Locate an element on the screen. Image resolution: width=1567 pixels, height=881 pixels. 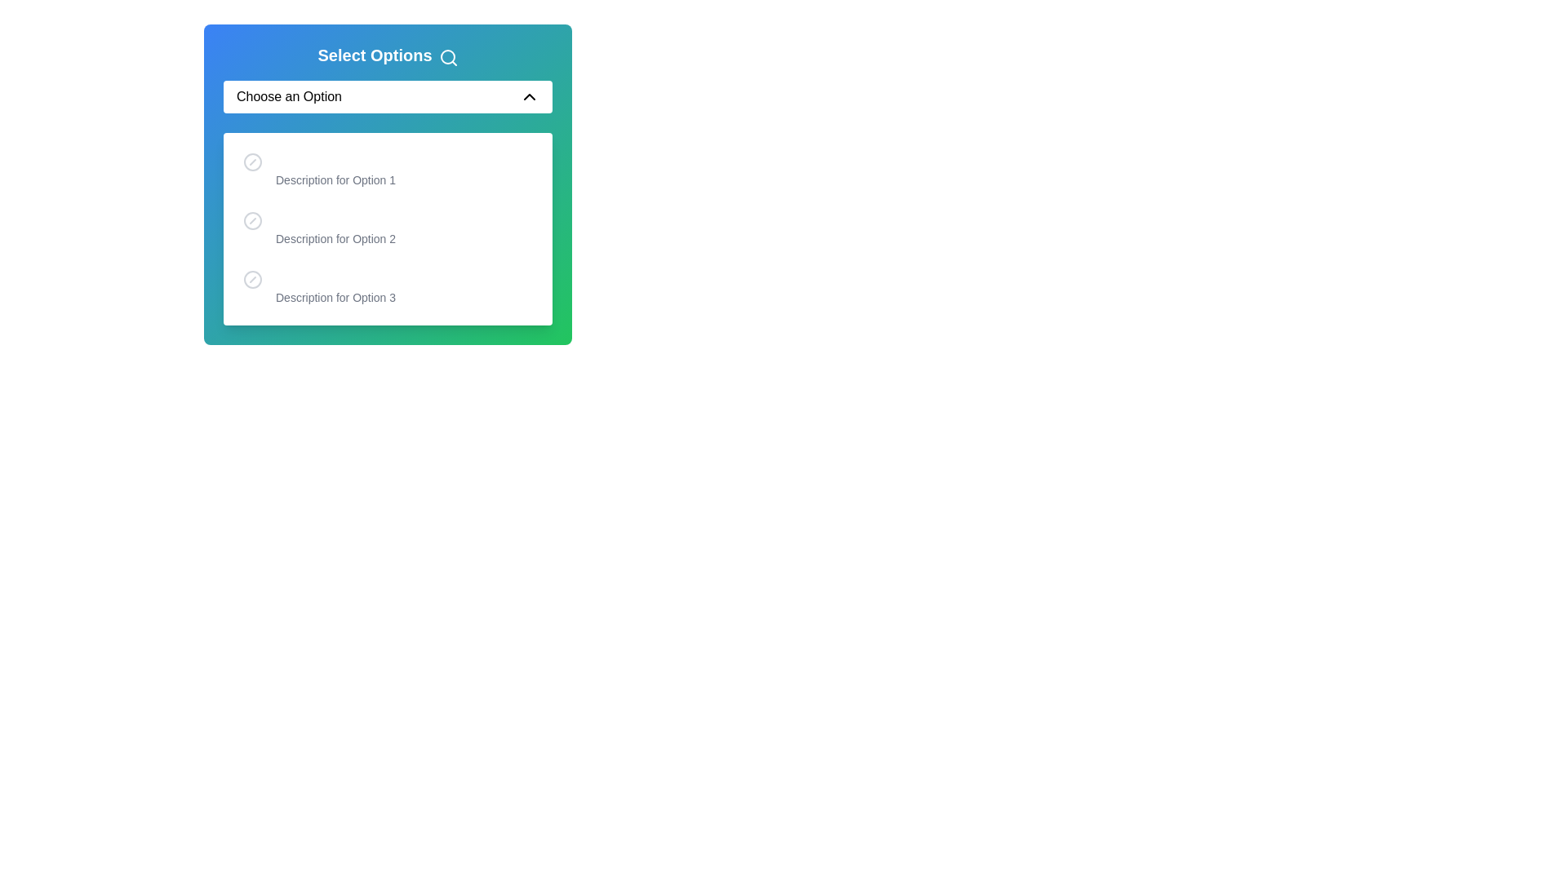
the static text element providing additional details for 'Option 1' in the dropdown menu, located directly below the title 'Option 1' is located at coordinates (335, 179).